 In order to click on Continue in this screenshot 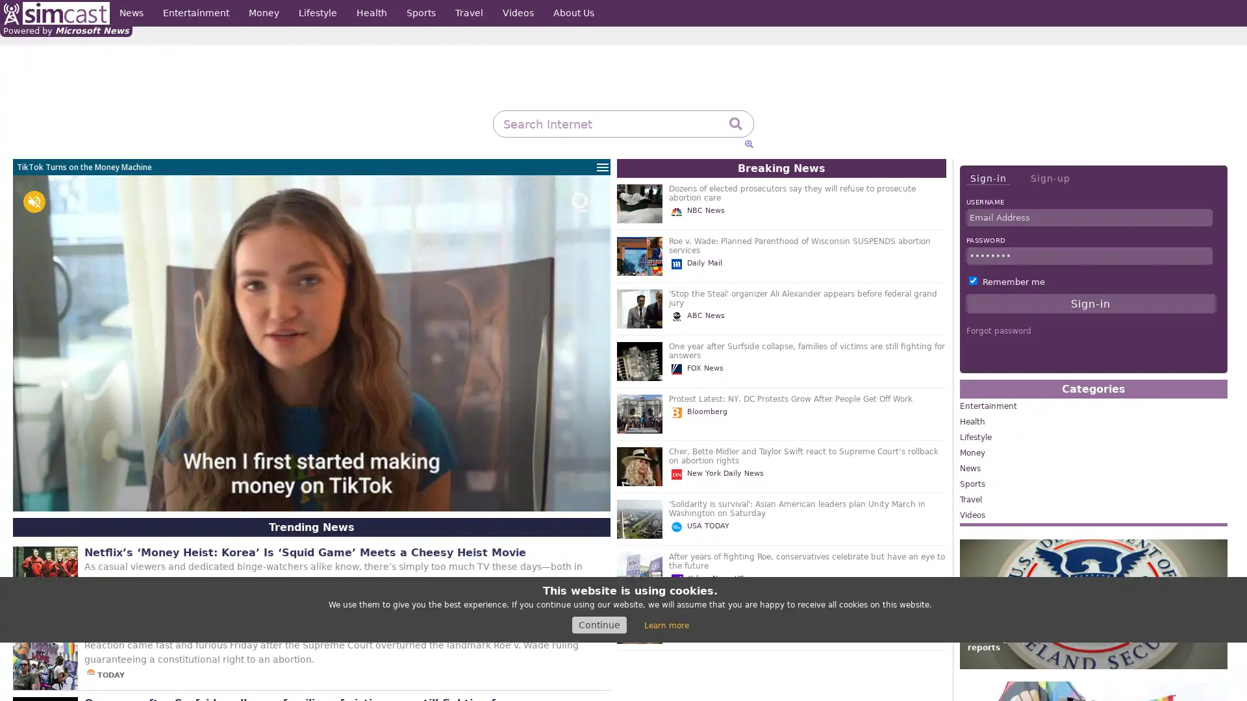, I will do `click(598, 624)`.